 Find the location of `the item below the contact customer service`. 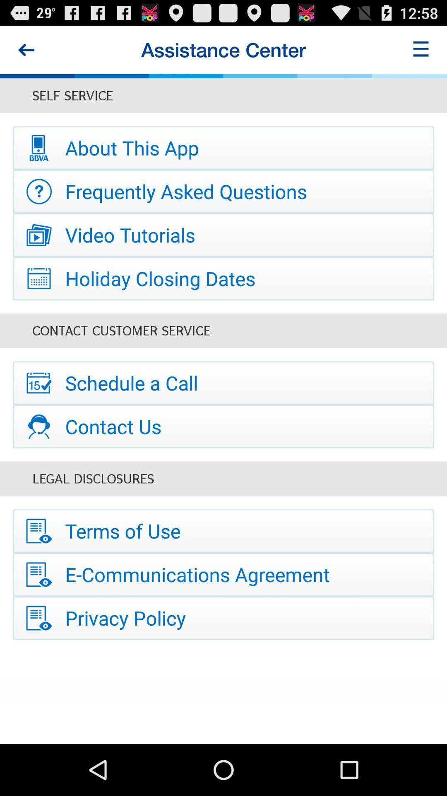

the item below the contact customer service is located at coordinates (223, 382).